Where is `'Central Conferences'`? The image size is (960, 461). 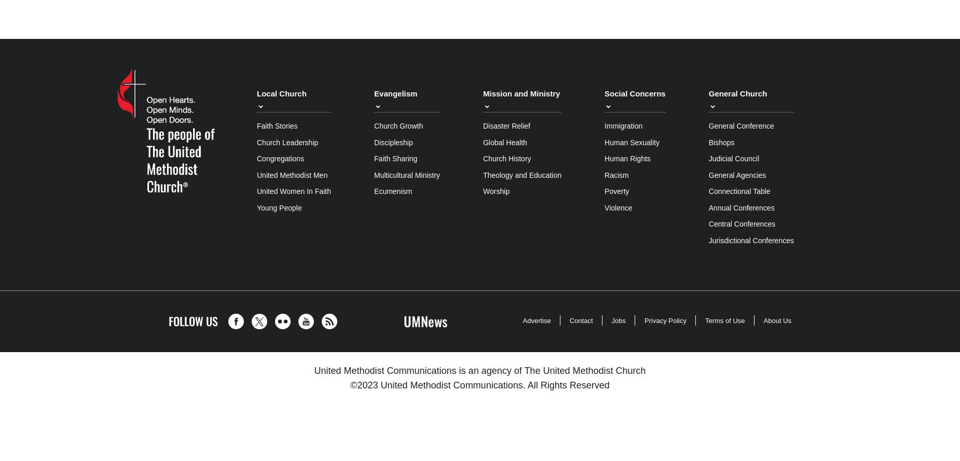
'Central Conferences' is located at coordinates (742, 223).